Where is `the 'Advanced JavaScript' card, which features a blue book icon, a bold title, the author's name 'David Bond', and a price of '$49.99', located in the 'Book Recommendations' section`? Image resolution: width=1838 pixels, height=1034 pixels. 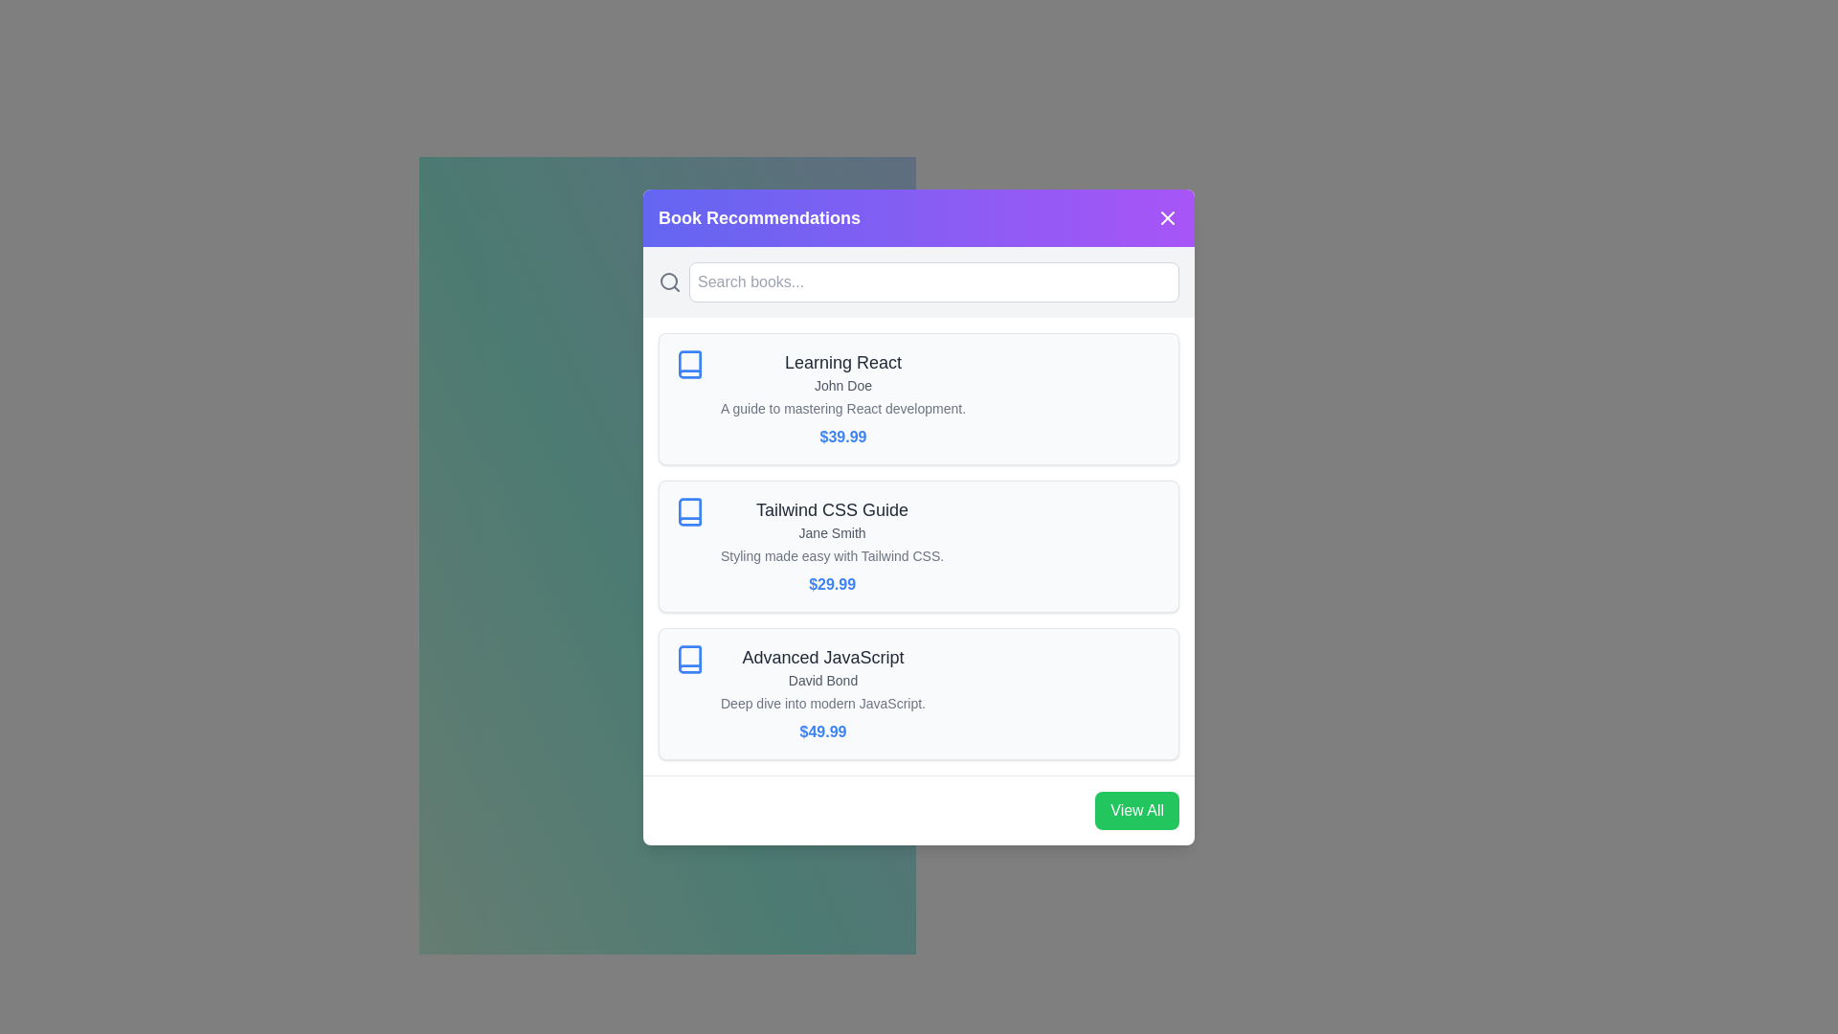
the 'Advanced JavaScript' card, which features a blue book icon, a bold title, the author's name 'David Bond', and a price of '$49.99', located in the 'Book Recommendations' section is located at coordinates (919, 693).